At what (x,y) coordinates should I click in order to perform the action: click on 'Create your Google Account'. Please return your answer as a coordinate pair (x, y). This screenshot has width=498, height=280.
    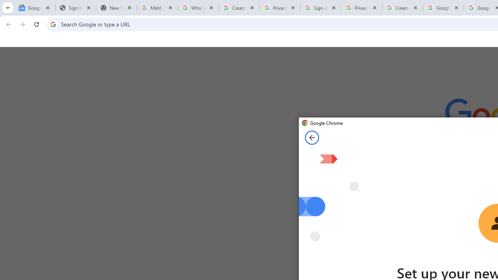
    Looking at the image, I should click on (402, 8).